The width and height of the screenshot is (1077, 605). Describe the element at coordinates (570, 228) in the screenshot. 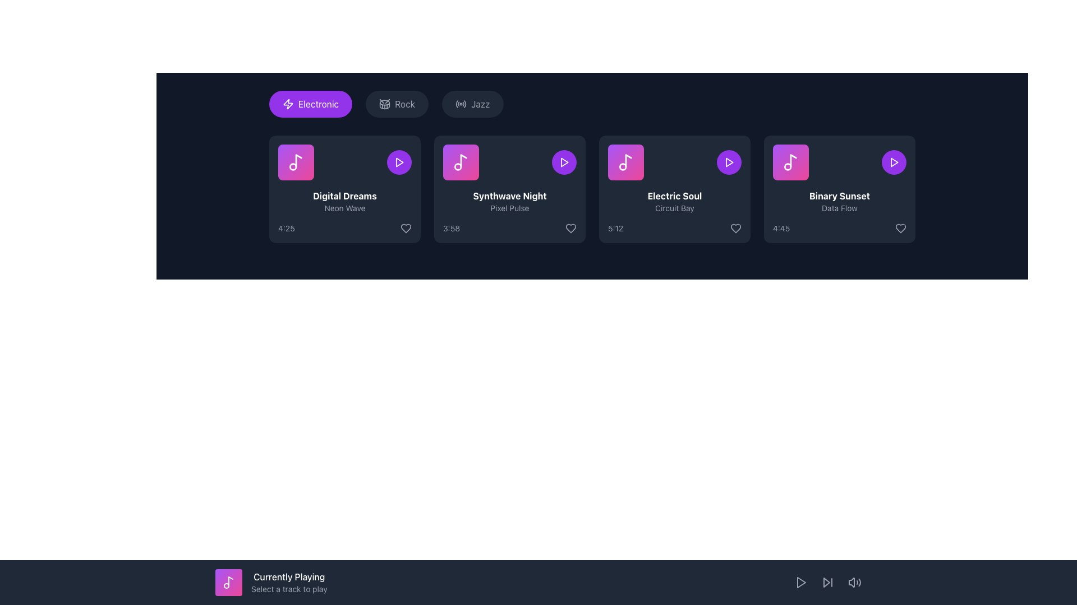

I see `the 'like' or 'favorite' icon button located in the bottom-right corner of the 'Synthwave Night' card` at that location.